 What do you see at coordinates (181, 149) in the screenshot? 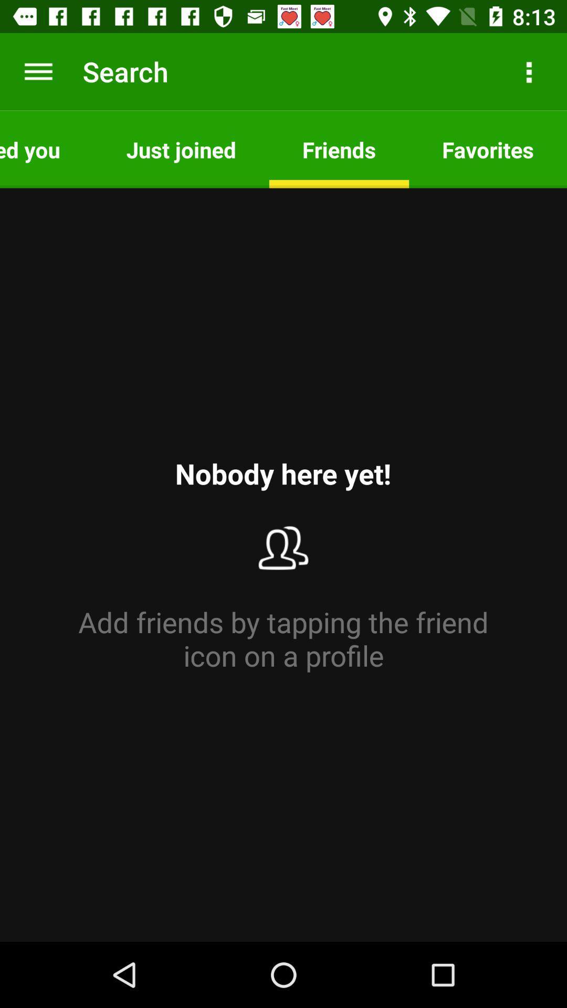
I see `the app above nobody here yet!` at bounding box center [181, 149].